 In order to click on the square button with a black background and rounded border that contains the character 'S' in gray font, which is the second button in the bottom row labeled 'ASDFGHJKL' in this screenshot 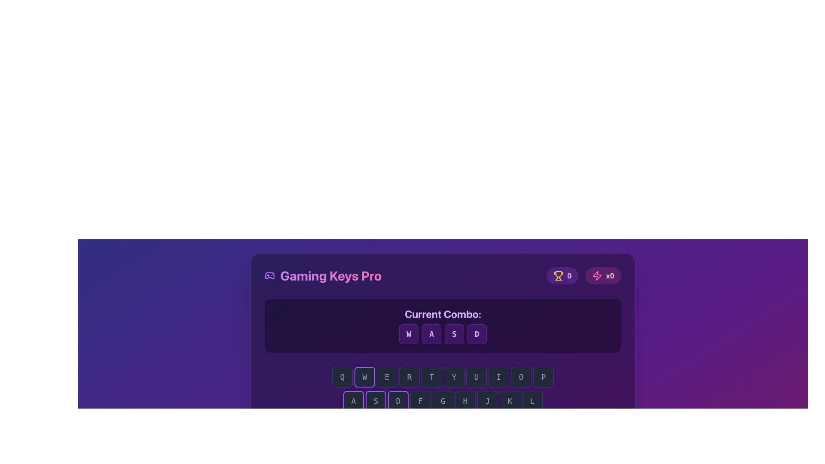, I will do `click(376, 401)`.